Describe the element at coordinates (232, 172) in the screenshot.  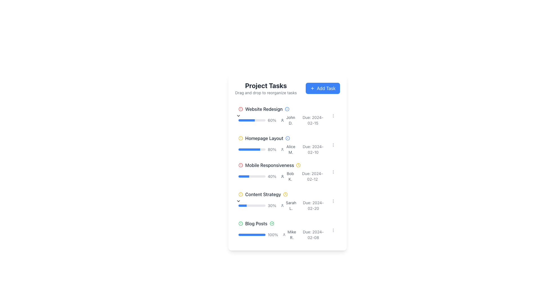
I see `the draggable handle located at the leftmost part of the 'Mobile Responsiveness' task list row` at that location.